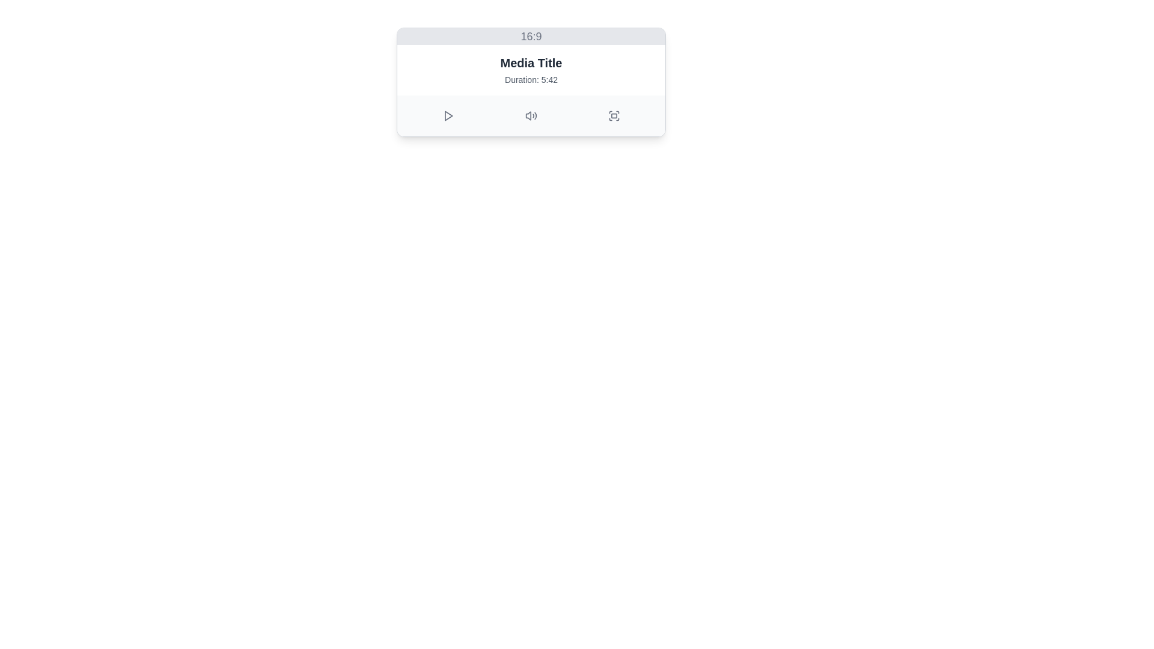 The width and height of the screenshot is (1154, 649). Describe the element at coordinates (614, 115) in the screenshot. I see `the circular fullscreen button with a centered fullscreen icon` at that location.